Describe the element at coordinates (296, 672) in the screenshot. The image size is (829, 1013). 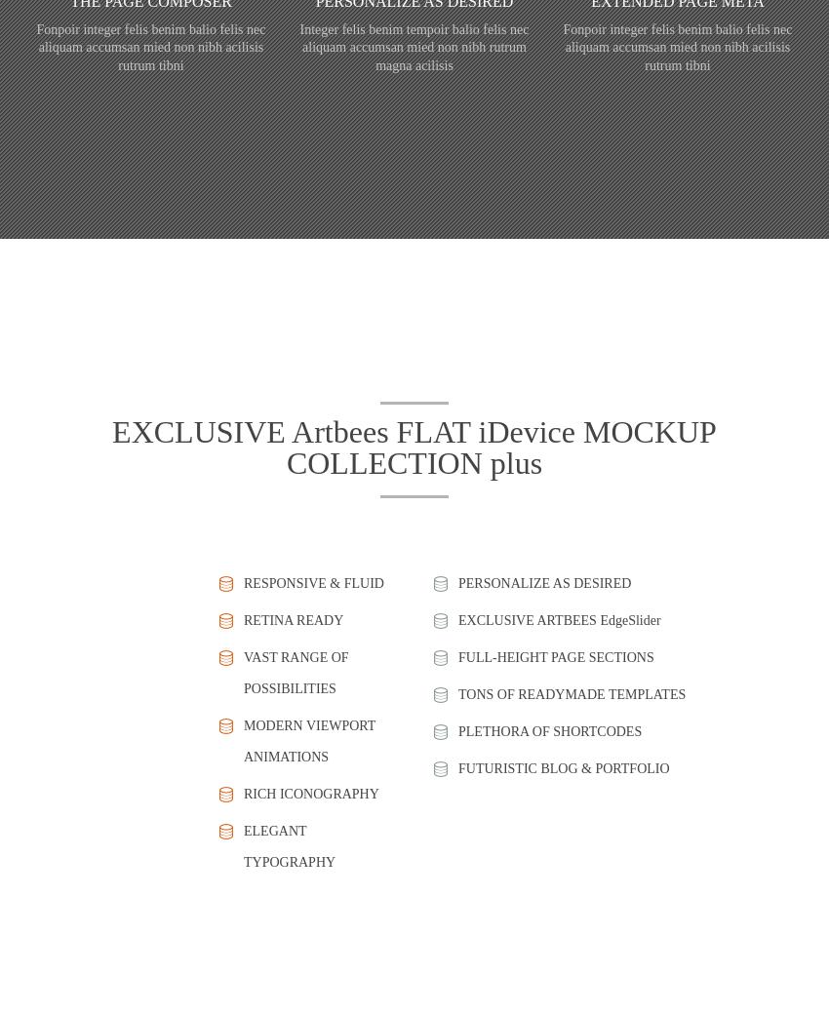
I see `'VAST RANGE OF POSSIBILITIES'` at that location.